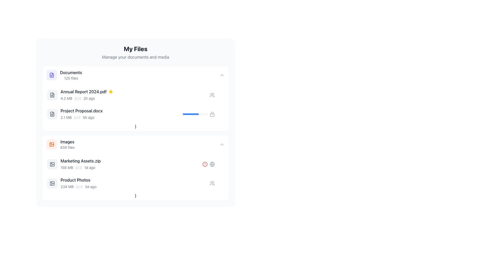 The height and width of the screenshot is (279, 497). Describe the element at coordinates (135, 114) in the screenshot. I see `the file entry for 'Project Proposal.docx' in the file manager interface` at that location.